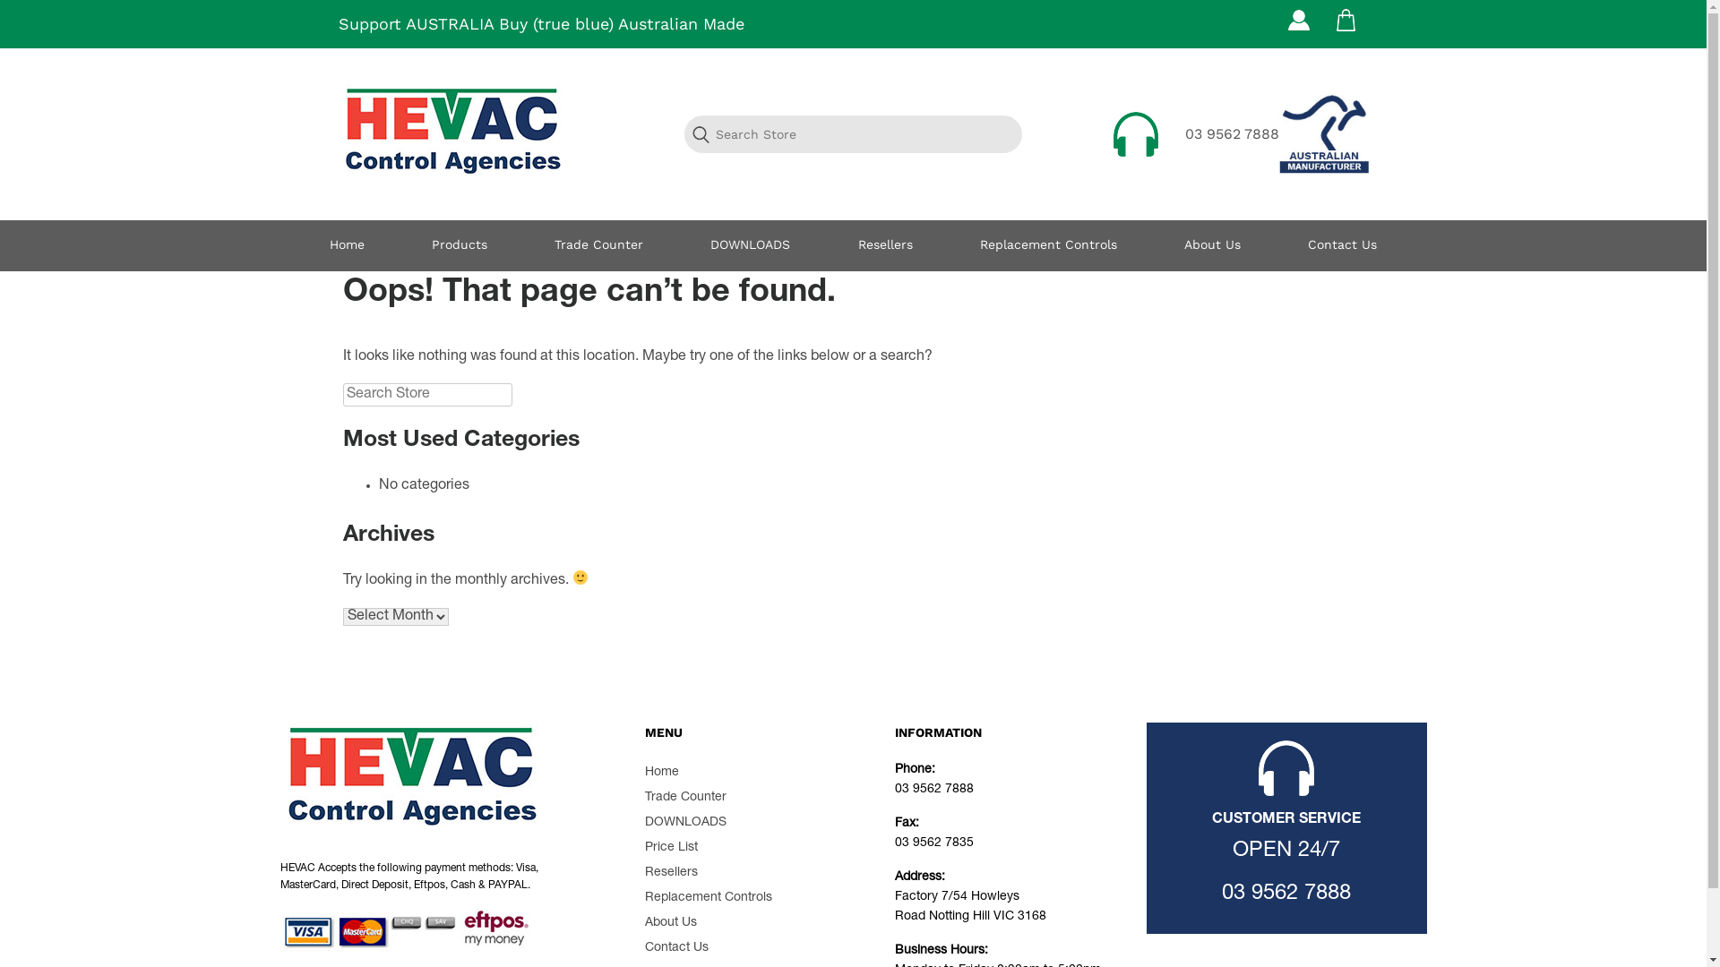 The width and height of the screenshot is (1720, 967). I want to click on 'Resellers', so click(885, 245).